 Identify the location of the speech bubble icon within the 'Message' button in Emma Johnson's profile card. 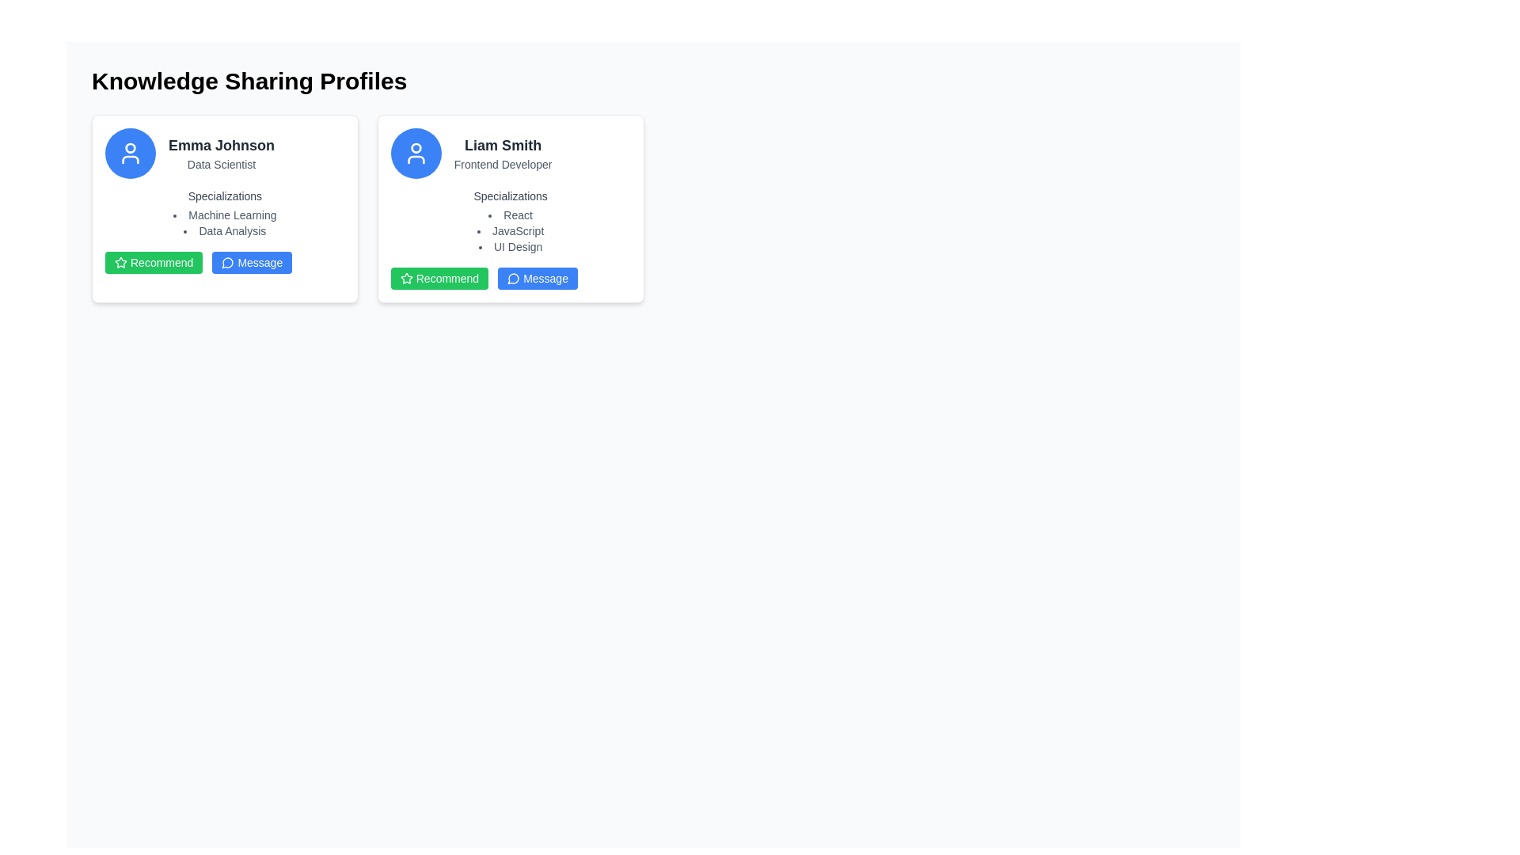
(227, 262).